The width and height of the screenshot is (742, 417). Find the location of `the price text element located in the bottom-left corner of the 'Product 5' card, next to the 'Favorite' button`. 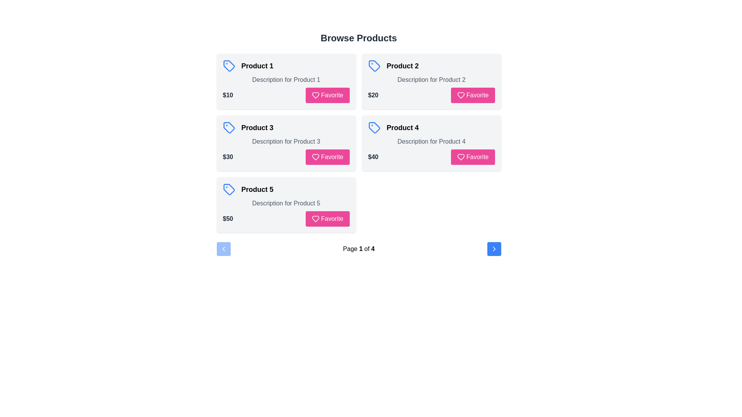

the price text element located in the bottom-left corner of the 'Product 5' card, next to the 'Favorite' button is located at coordinates (227, 219).